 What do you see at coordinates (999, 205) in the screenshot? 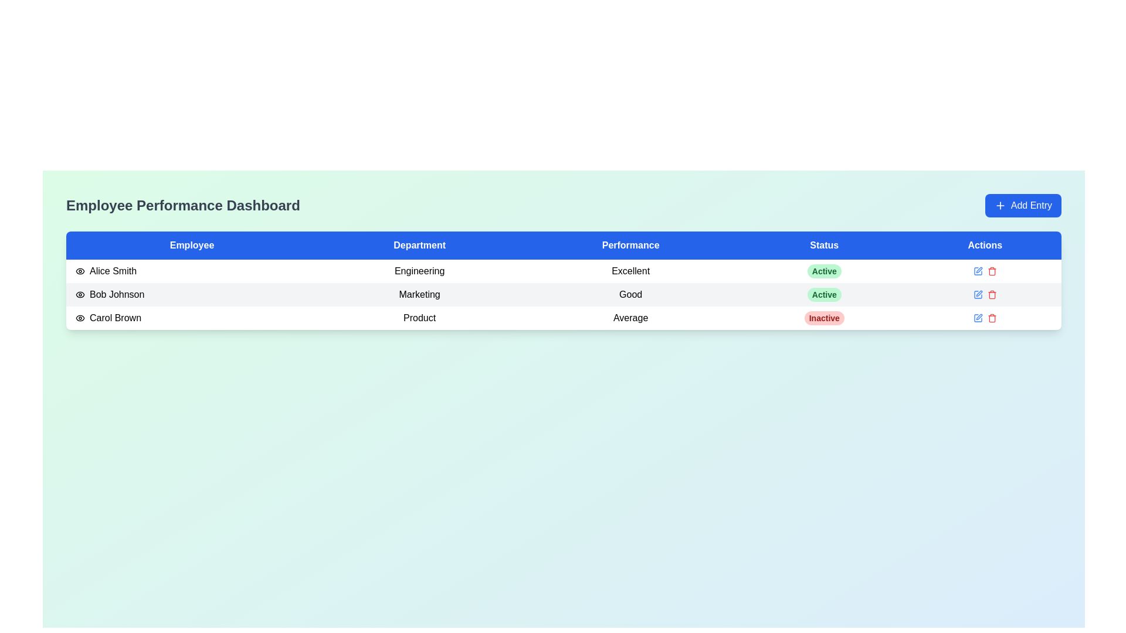
I see `the SVG icon indicating the purpose of the 'Add Entry' button located in the top-right corner of the interface, above the employee data table` at bounding box center [999, 205].